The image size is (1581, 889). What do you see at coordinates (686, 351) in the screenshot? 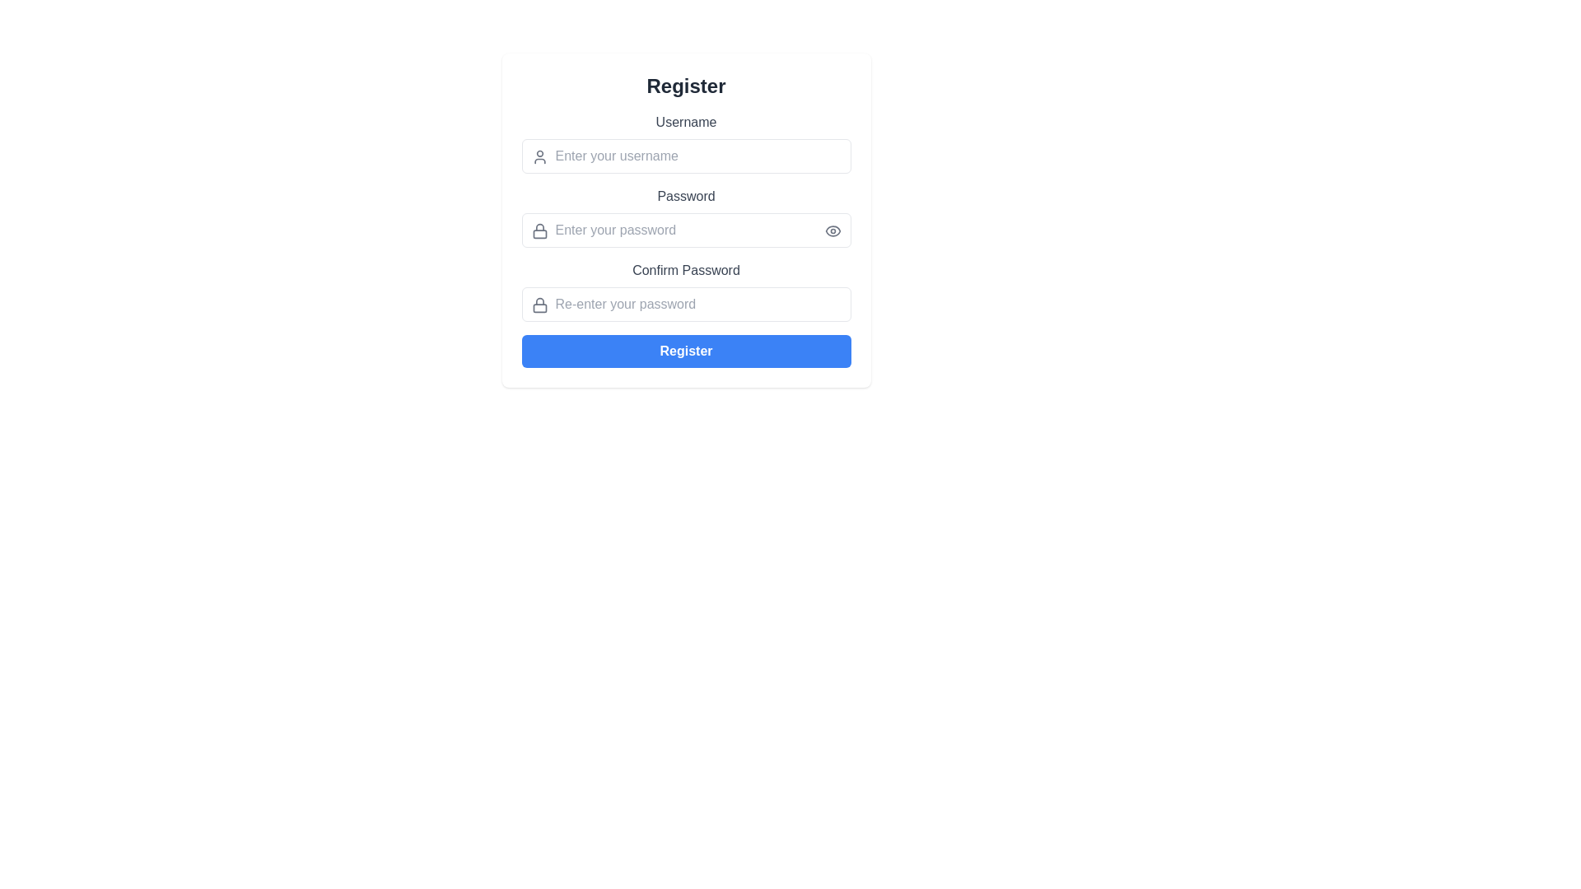
I see `the submit button located below the 'Confirm Password' field in the registration form` at bounding box center [686, 351].